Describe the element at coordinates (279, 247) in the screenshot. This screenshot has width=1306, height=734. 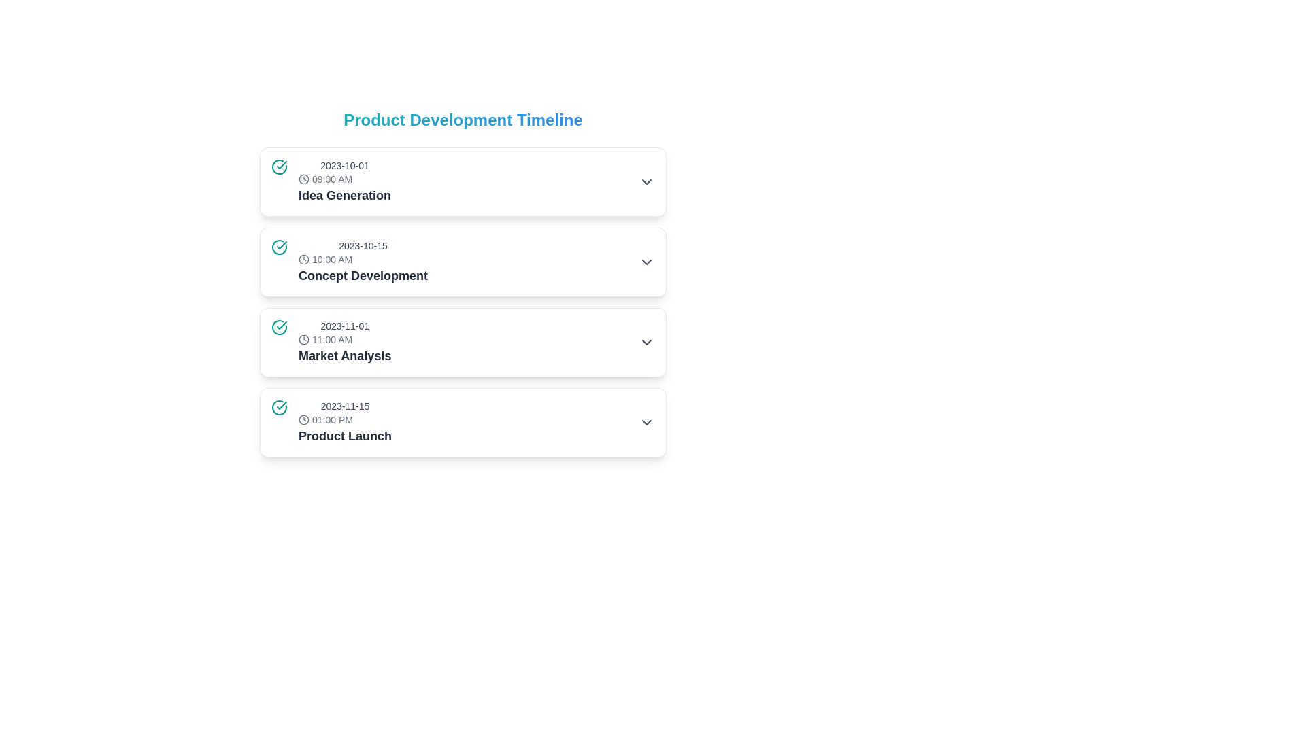
I see `the icon that signifies the completion of the associated timeline entry in the second row under 'Concept Development'` at that location.